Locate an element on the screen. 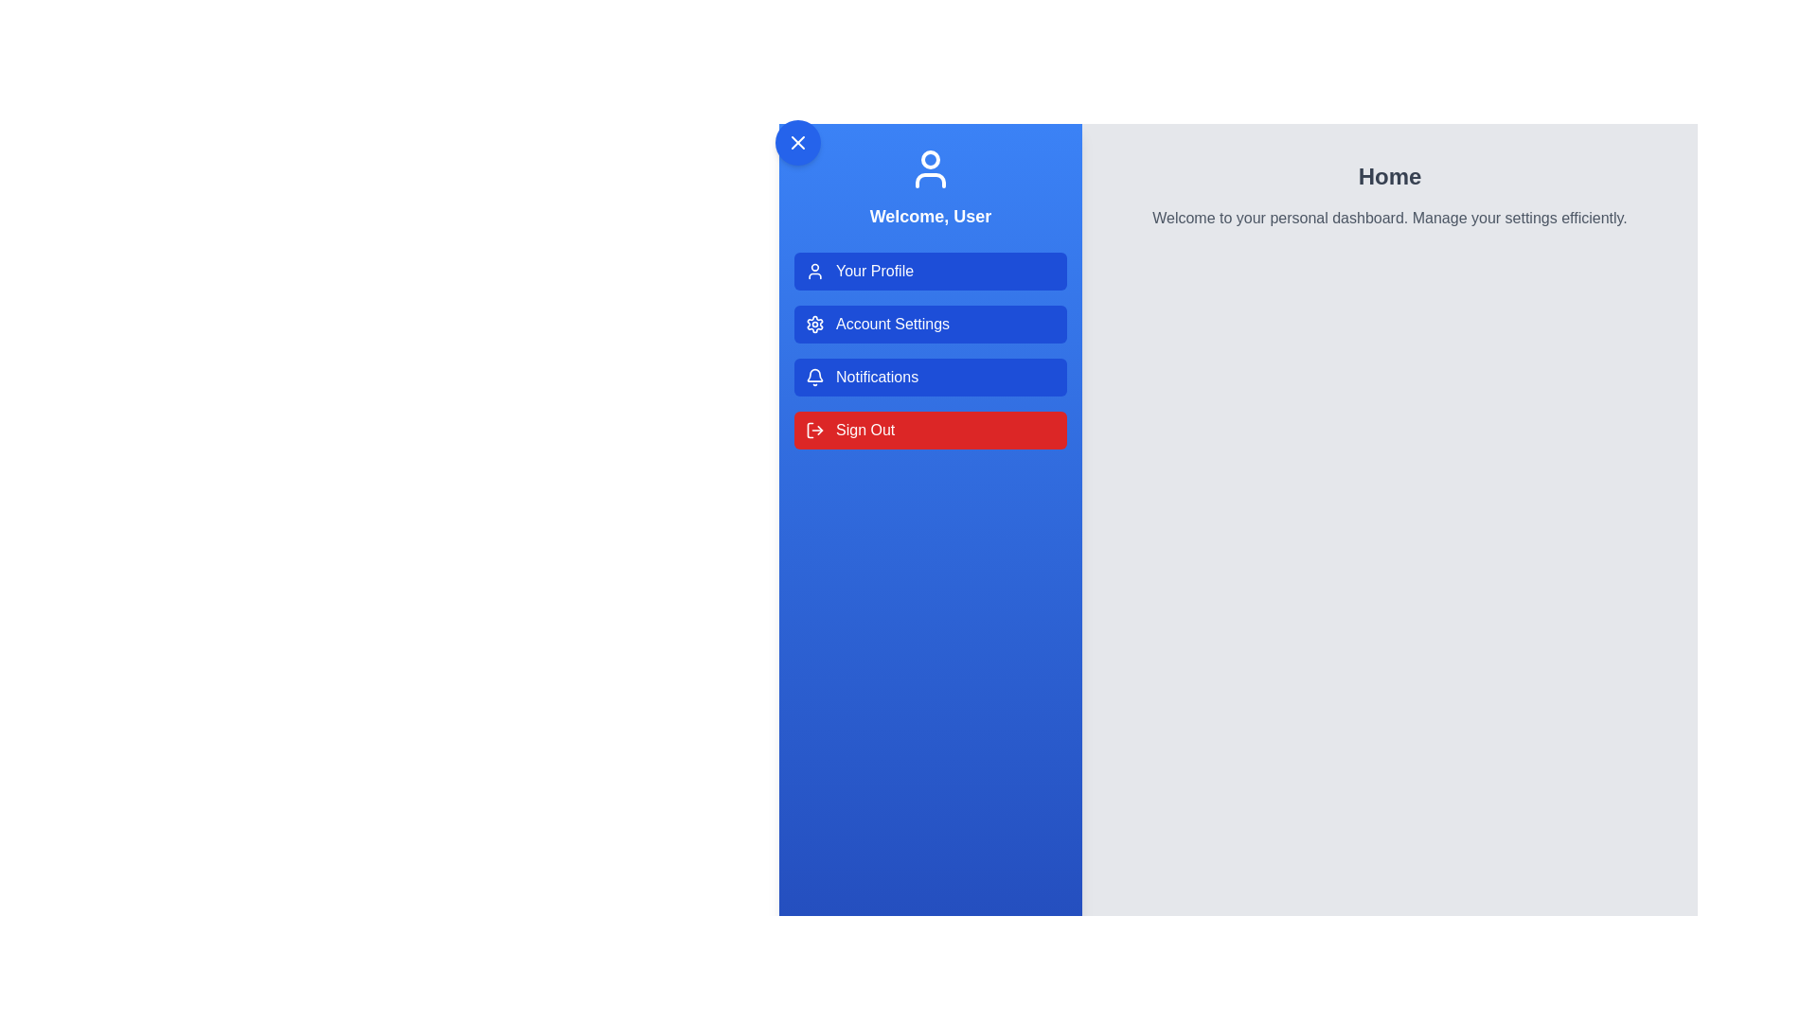  top-left button to toggle the drawer is located at coordinates (798, 141).